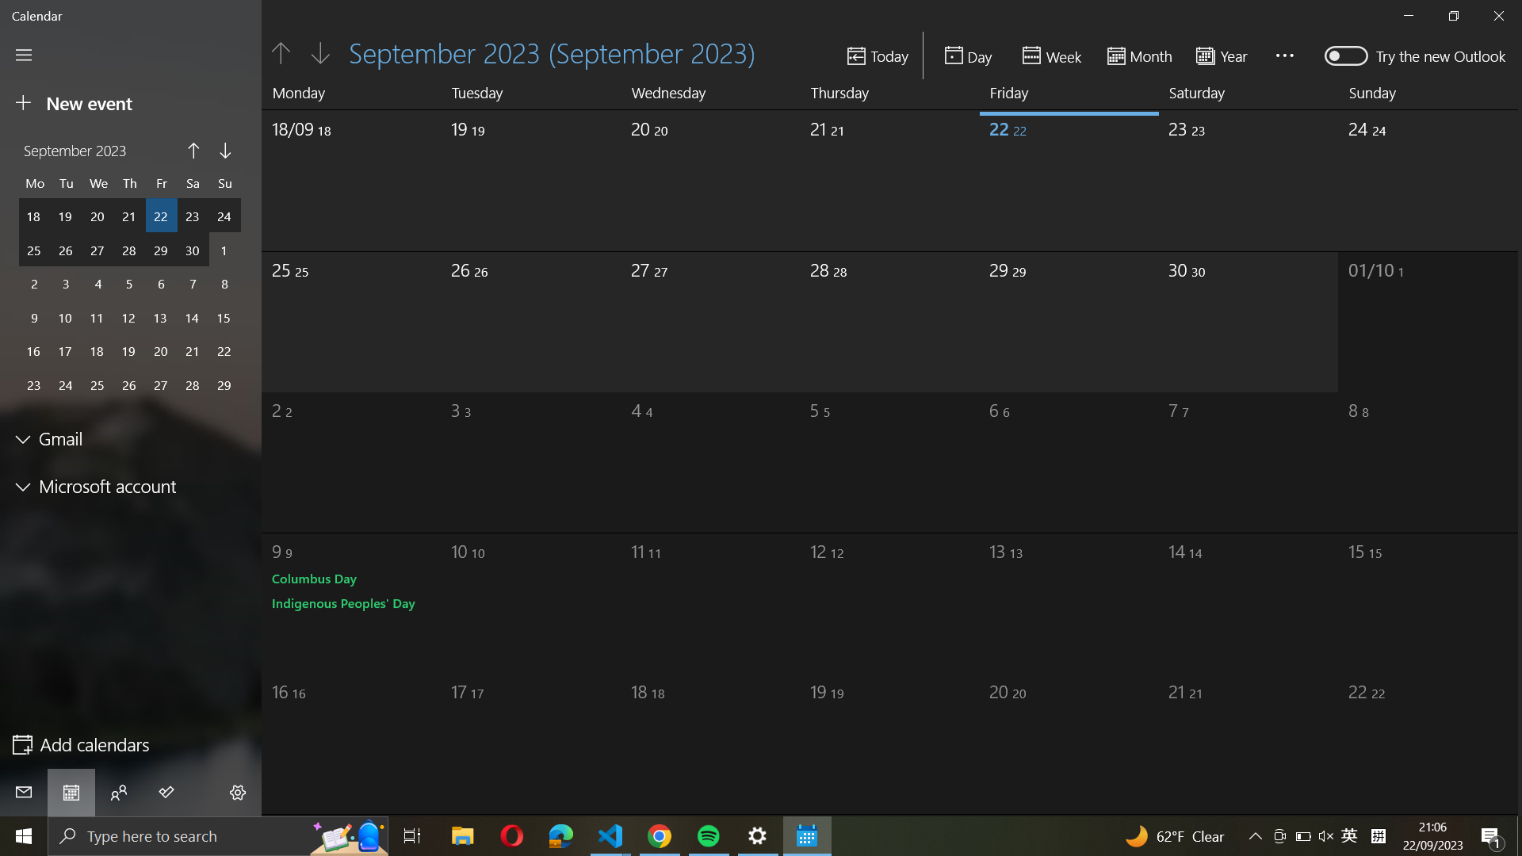 The width and height of the screenshot is (1522, 856). I want to click on the 13th of October, so click(1046, 597).